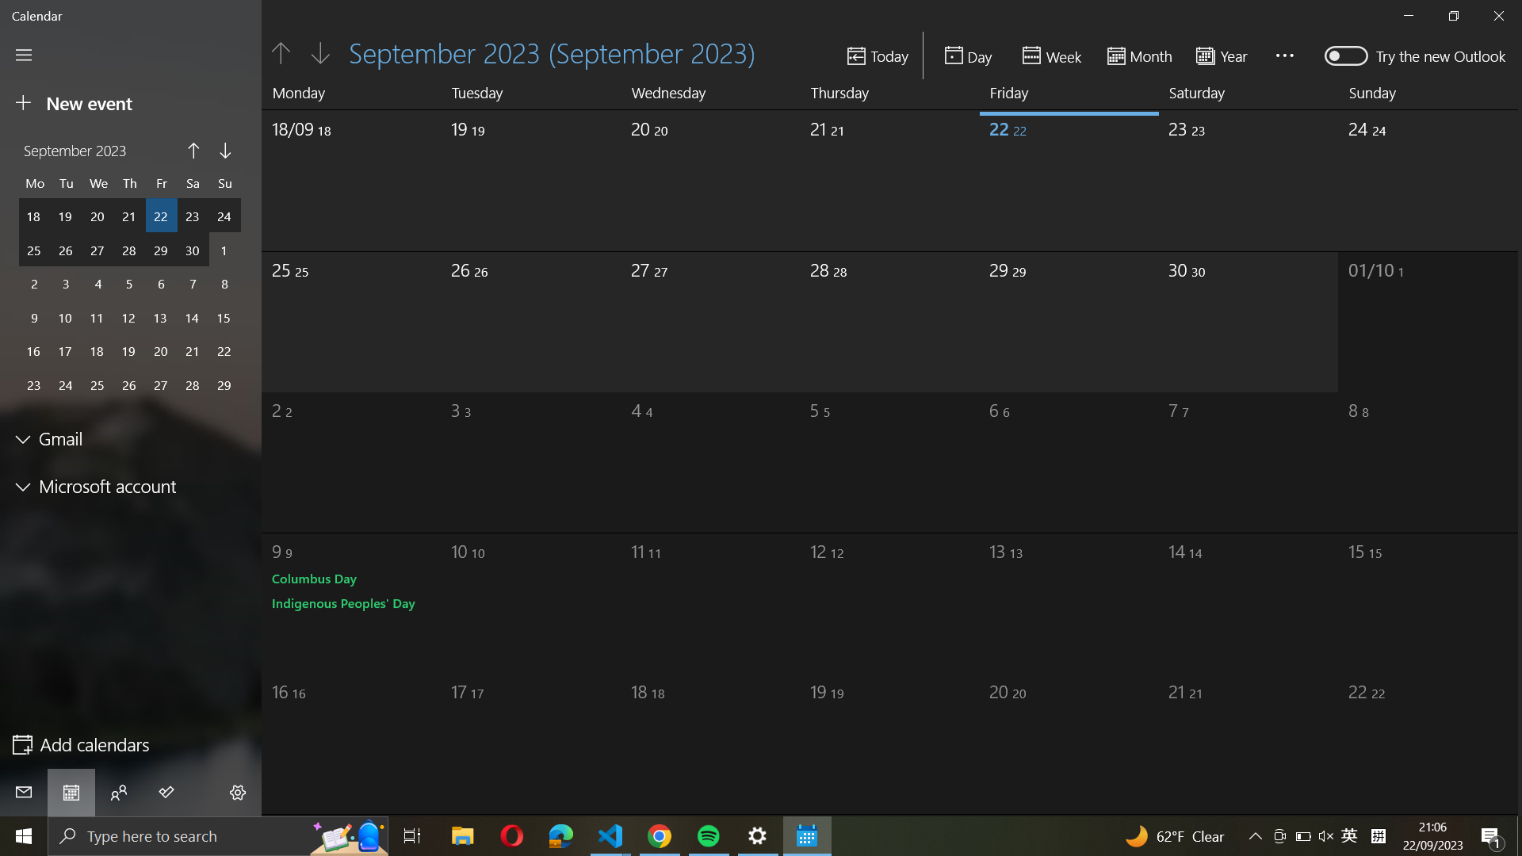 The width and height of the screenshot is (1522, 856). I want to click on the 13th of October, so click(1046, 597).